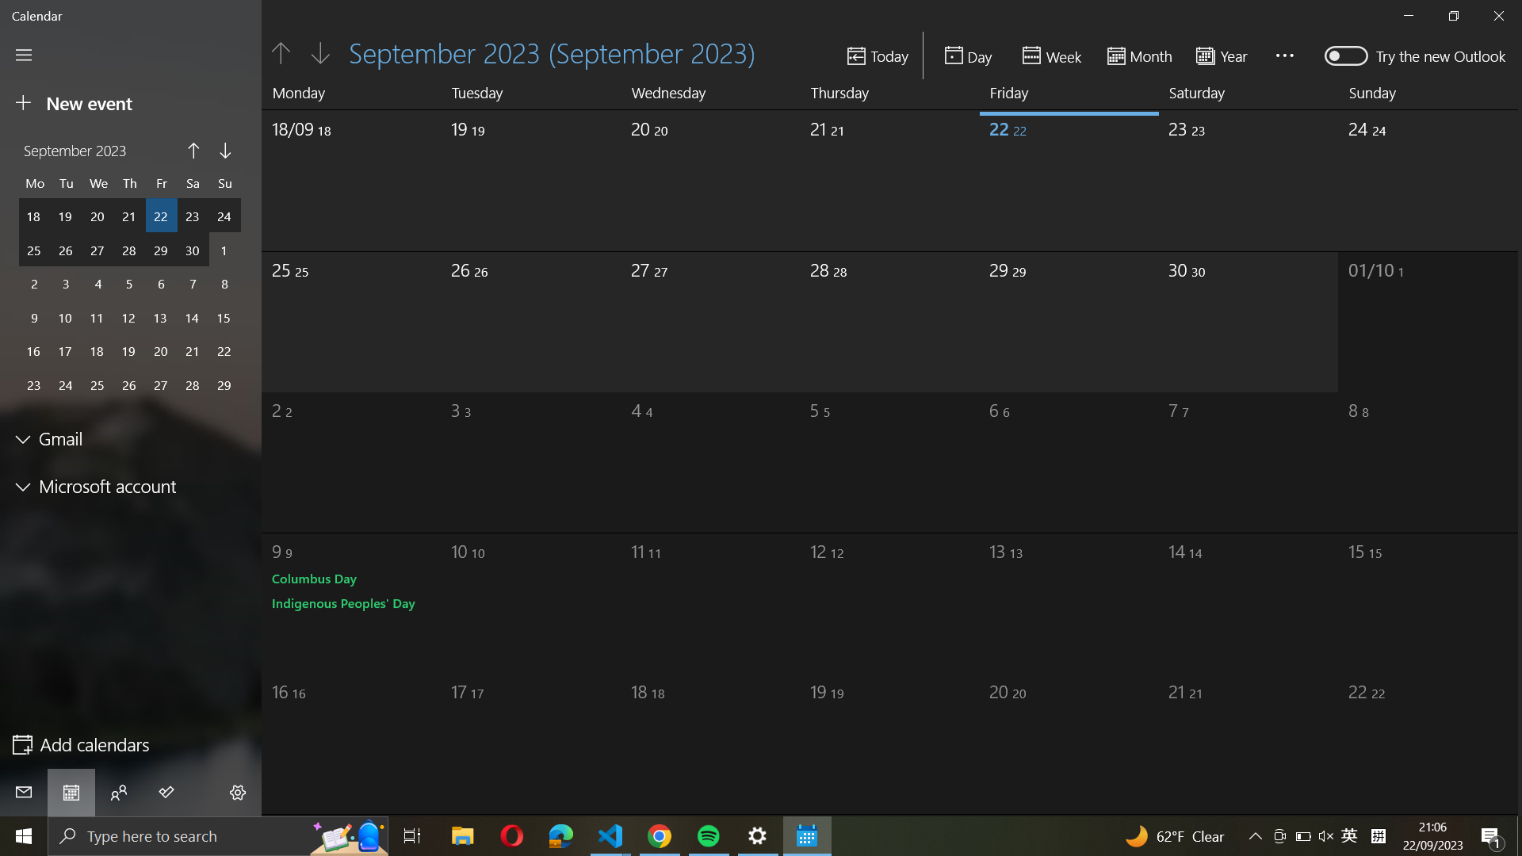 The width and height of the screenshot is (1522, 856). I want to click on the 13th of October, so click(1046, 597).